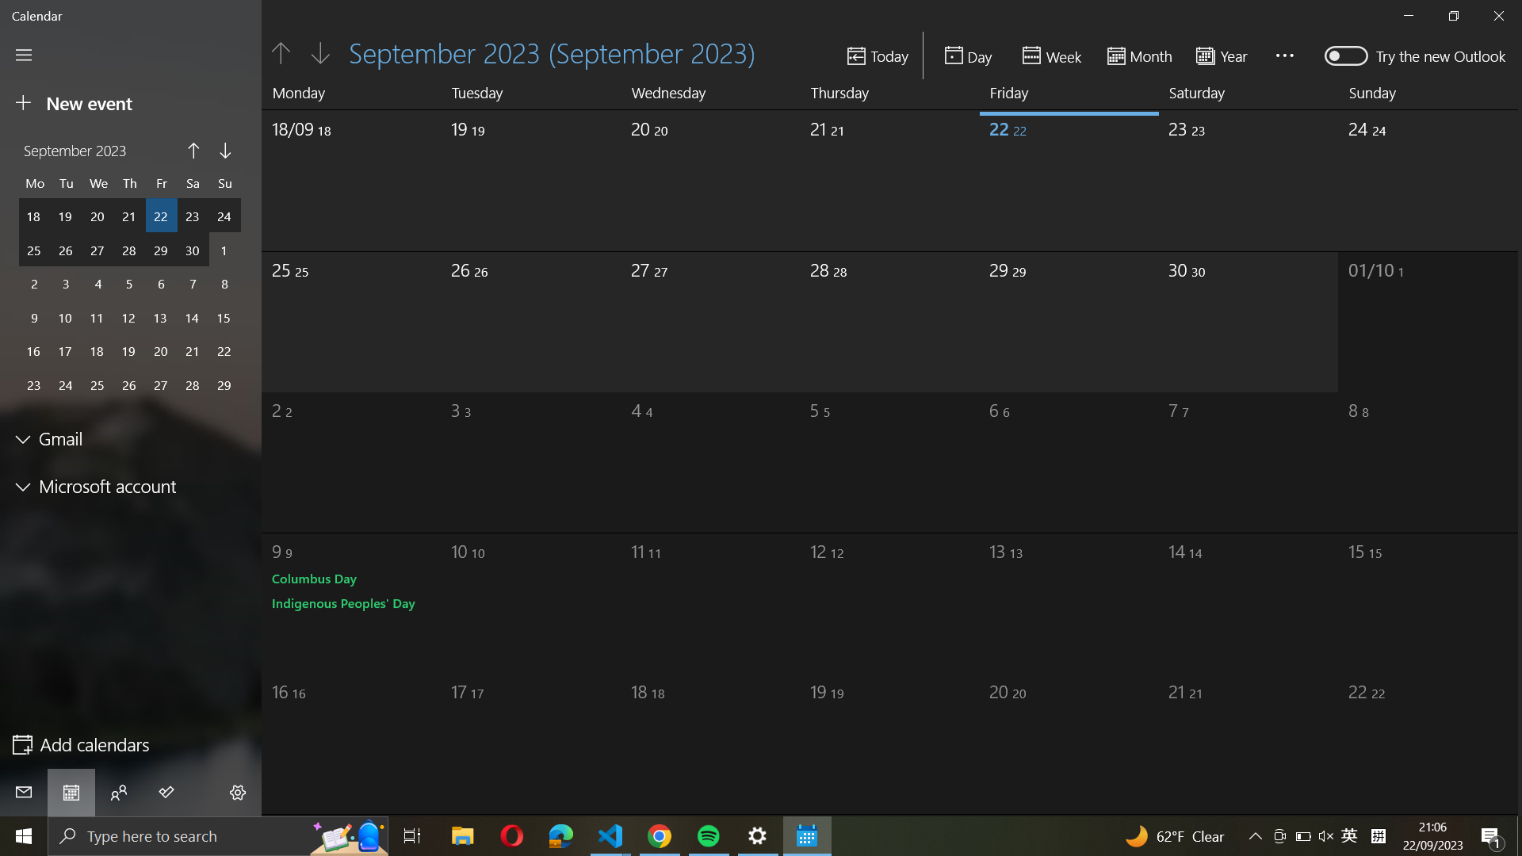 The width and height of the screenshot is (1522, 856). I want to click on the 13th of October, so click(1046, 597).